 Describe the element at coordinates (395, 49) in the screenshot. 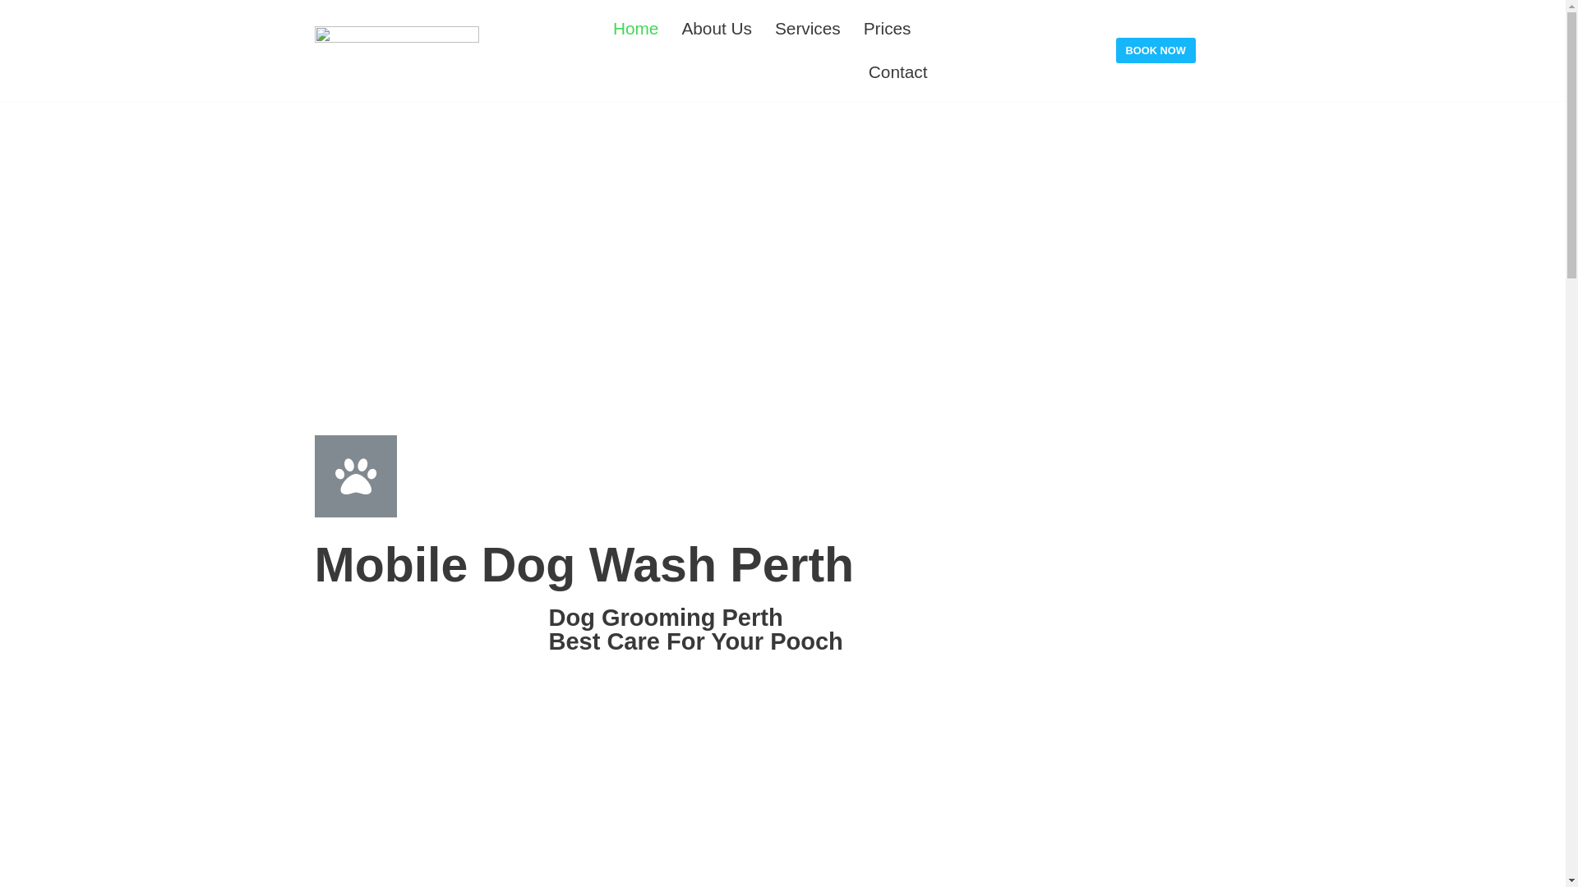

I see `'Mobile Dog Wash'` at that location.